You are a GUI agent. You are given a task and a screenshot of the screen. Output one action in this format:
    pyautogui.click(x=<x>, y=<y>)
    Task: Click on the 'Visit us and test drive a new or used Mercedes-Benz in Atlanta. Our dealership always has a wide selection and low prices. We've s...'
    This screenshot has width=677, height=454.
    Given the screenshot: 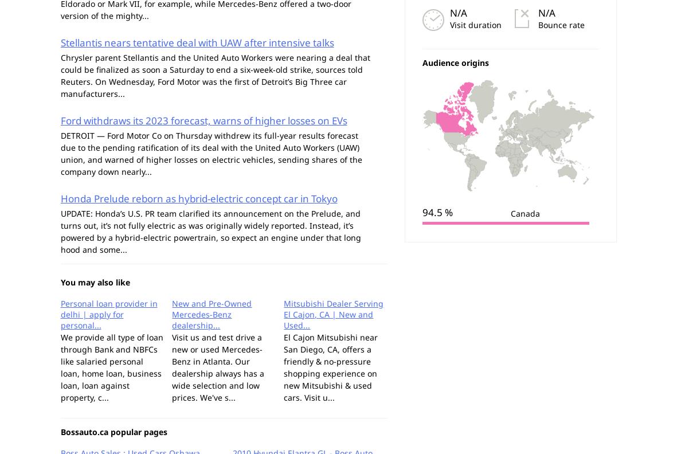 What is the action you would take?
    pyautogui.click(x=171, y=366)
    